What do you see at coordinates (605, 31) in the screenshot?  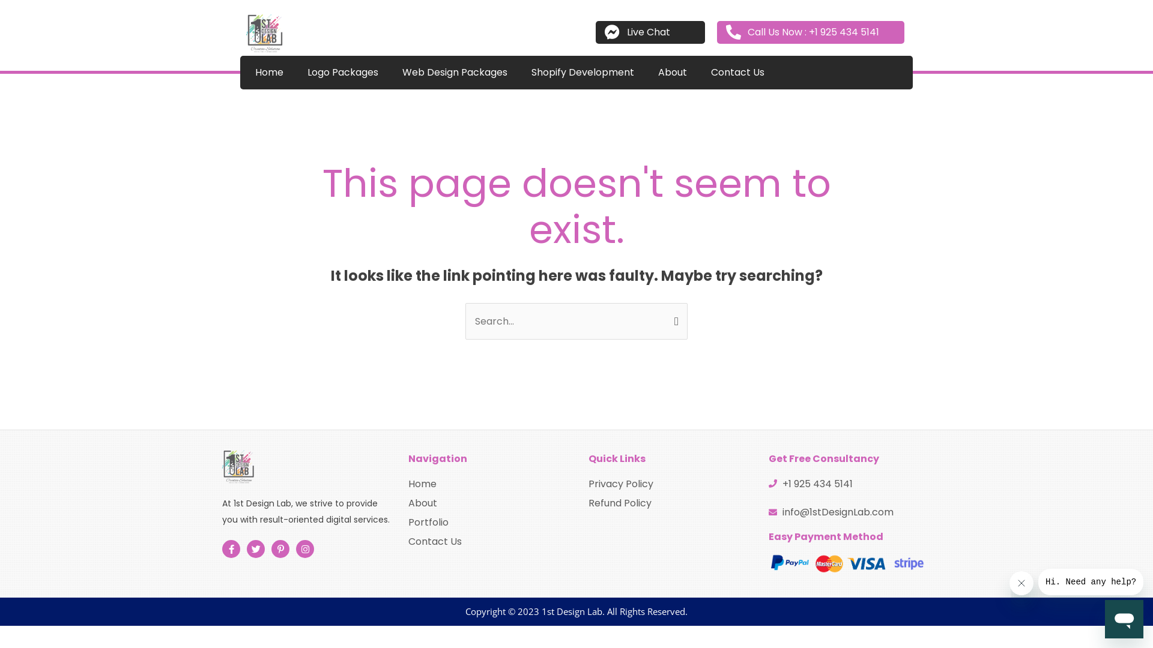 I see `'Live Chat'` at bounding box center [605, 31].